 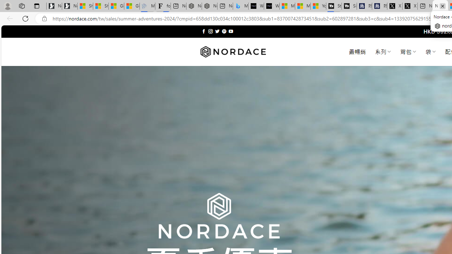 I want to click on 'Follow on YouTube', so click(x=231, y=31).